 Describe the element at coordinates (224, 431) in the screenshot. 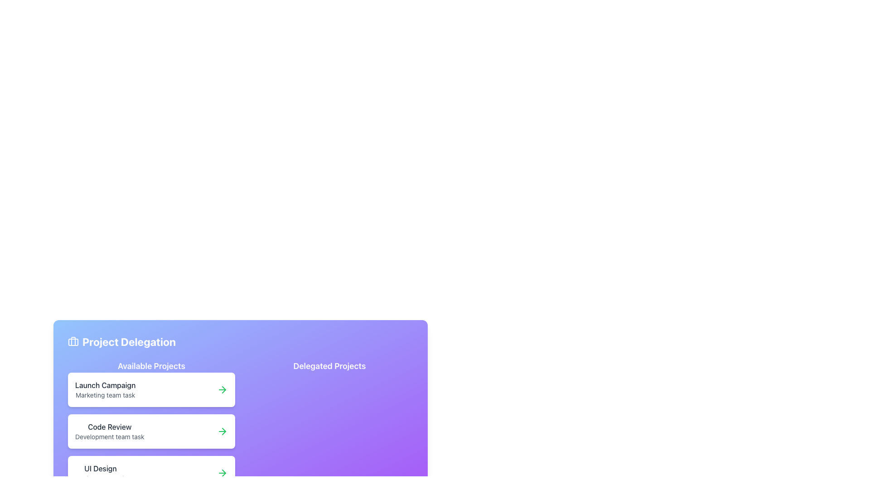

I see `the rightward-facing arrowhead portion of the SVG-based icon used for navigation, which is located to the right of the 'Launch Campaign' item in the 'Available Projects' section` at that location.